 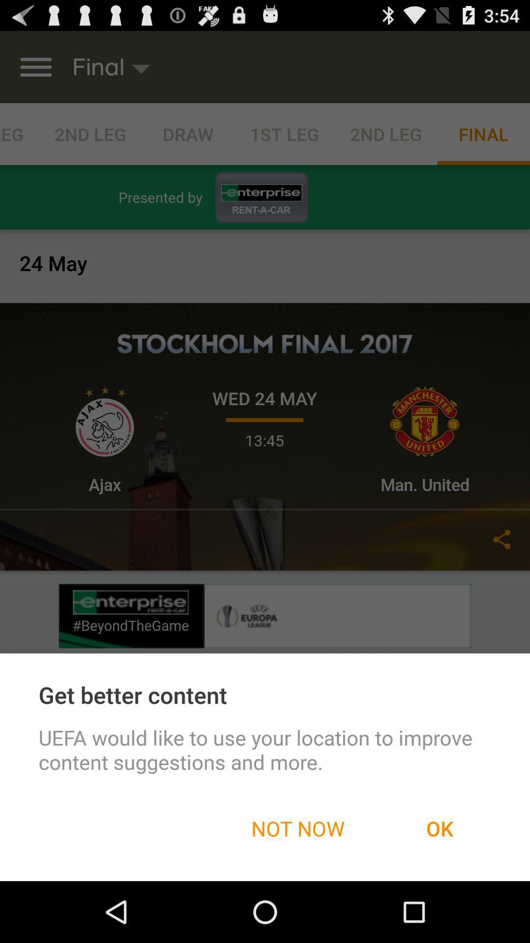 I want to click on the item below uefa would like, so click(x=297, y=828).